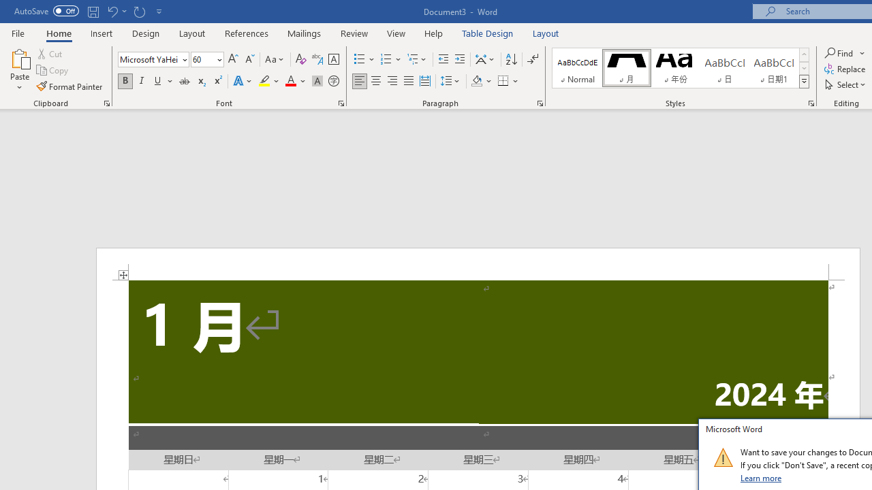 This screenshot has width=872, height=490. What do you see at coordinates (407, 81) in the screenshot?
I see `'Justify'` at bounding box center [407, 81].